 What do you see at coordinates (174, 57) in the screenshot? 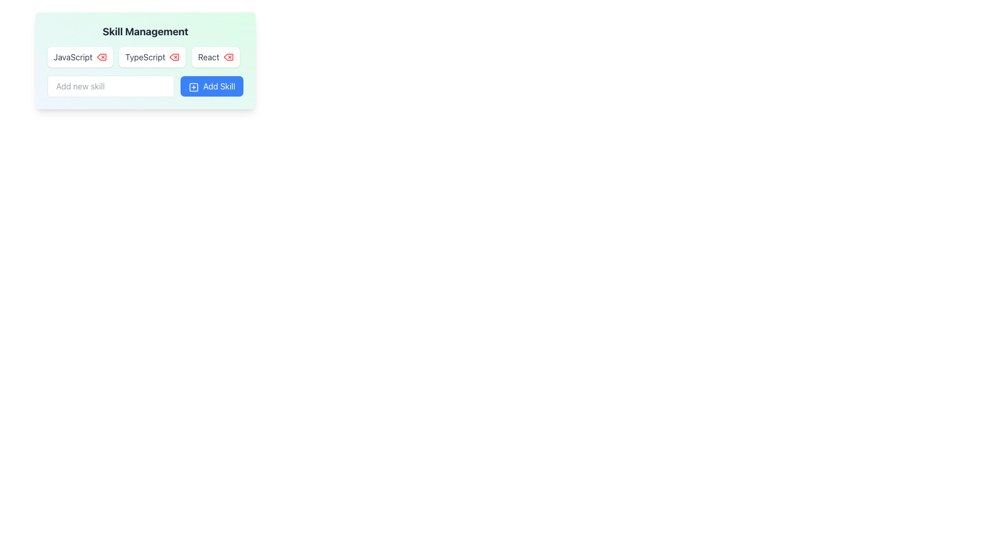
I see `the visual state of the red delete icon in the TypeScript skill badge, which appears as a convex polygonal shape resembling a delete or cross icon` at bounding box center [174, 57].